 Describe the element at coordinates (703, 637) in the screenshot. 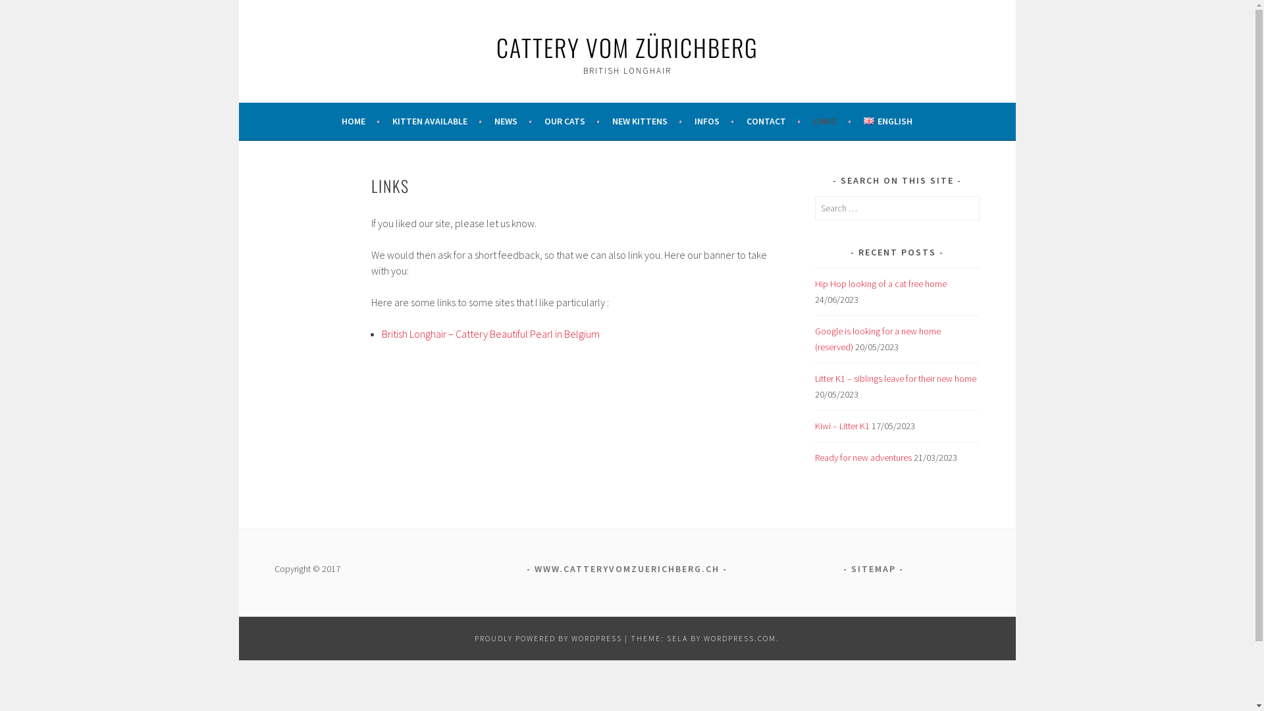

I see `'WORDPRESS.COM'` at that location.